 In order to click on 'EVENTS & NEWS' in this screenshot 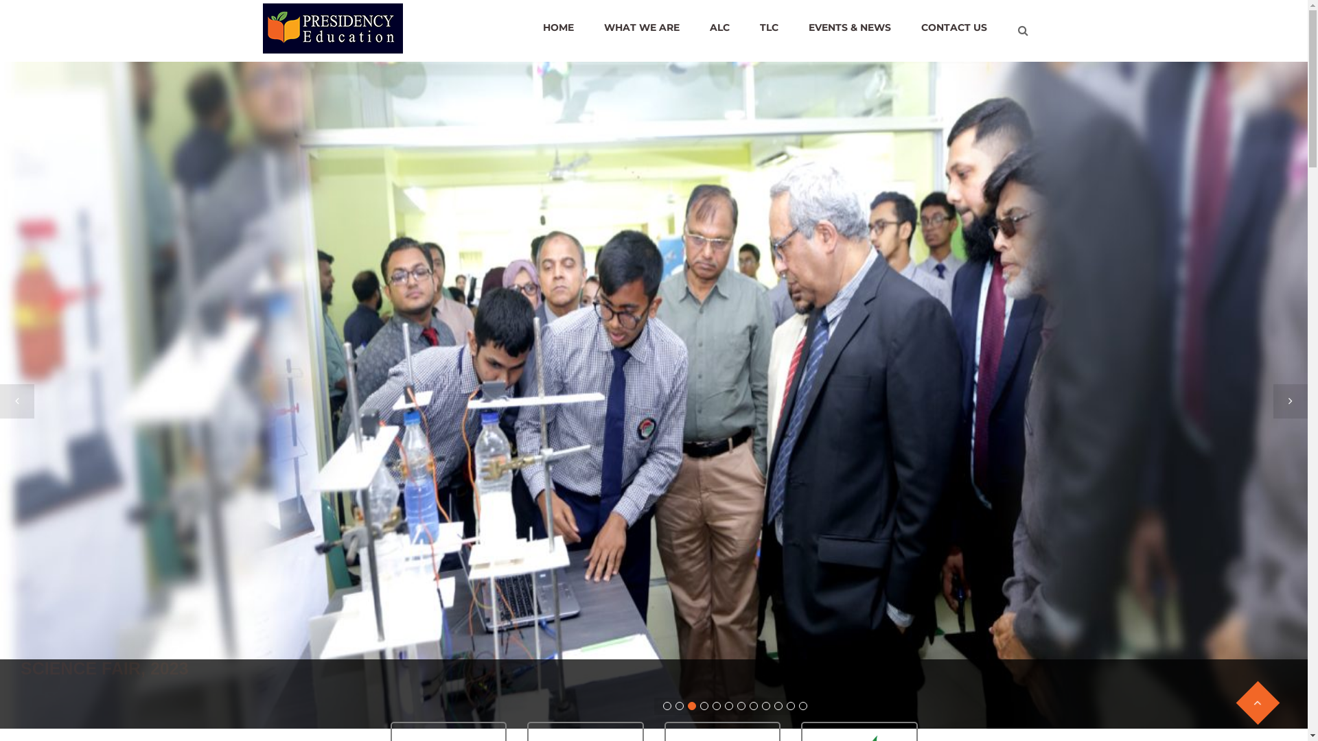, I will do `click(794, 27)`.